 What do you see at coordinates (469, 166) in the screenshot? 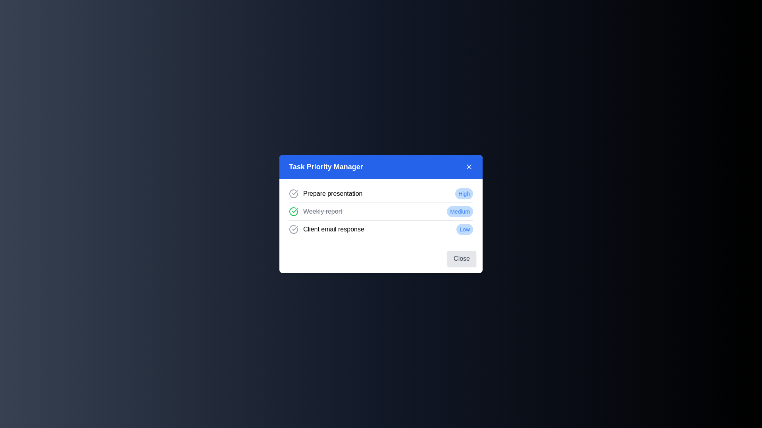
I see `the Close button styled as an icon located in the top-right corner of the 'Task Priority Manager' modal` at bounding box center [469, 166].